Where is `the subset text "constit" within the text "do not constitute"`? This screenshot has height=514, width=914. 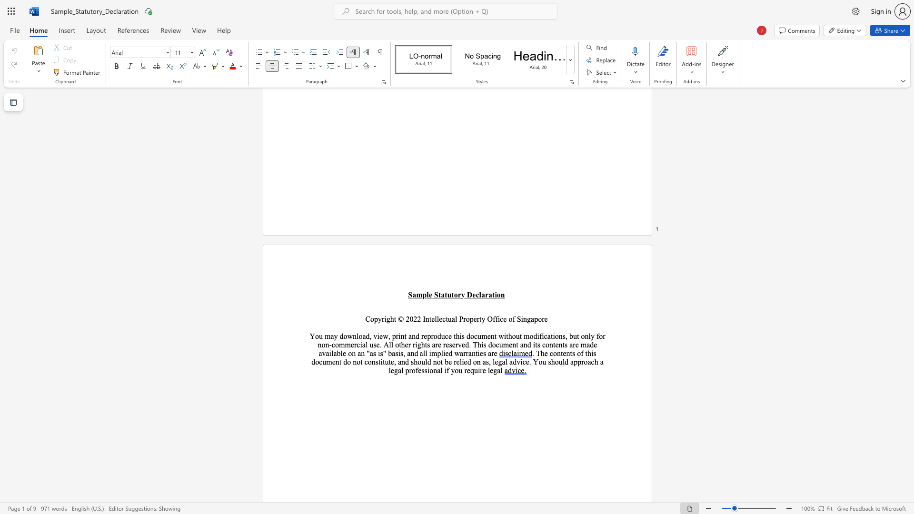
the subset text "constit" within the text "do not constitute" is located at coordinates (364, 362).